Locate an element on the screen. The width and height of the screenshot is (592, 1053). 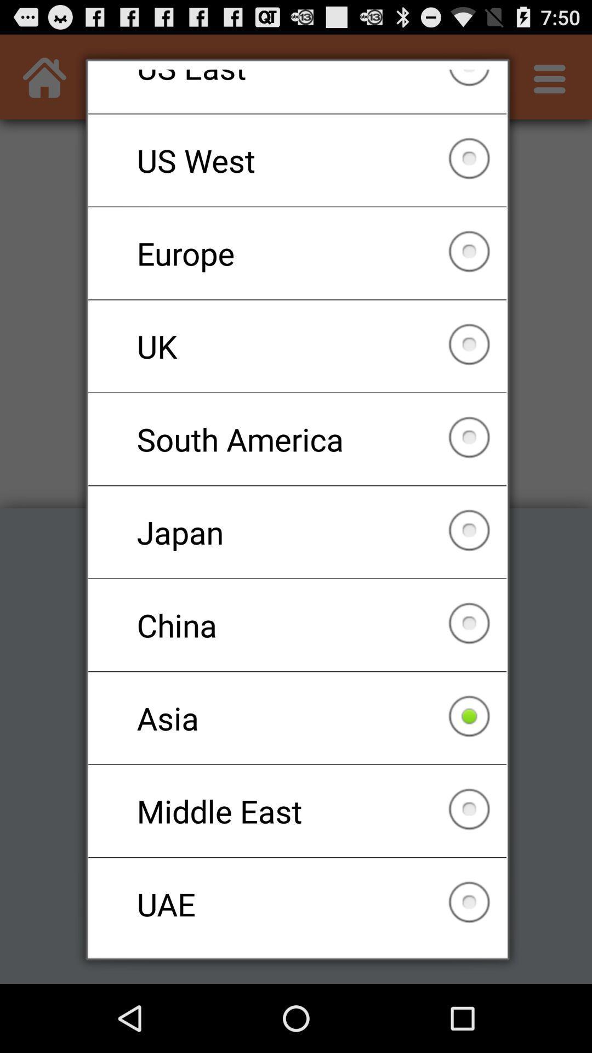
the     south america item is located at coordinates (297, 439).